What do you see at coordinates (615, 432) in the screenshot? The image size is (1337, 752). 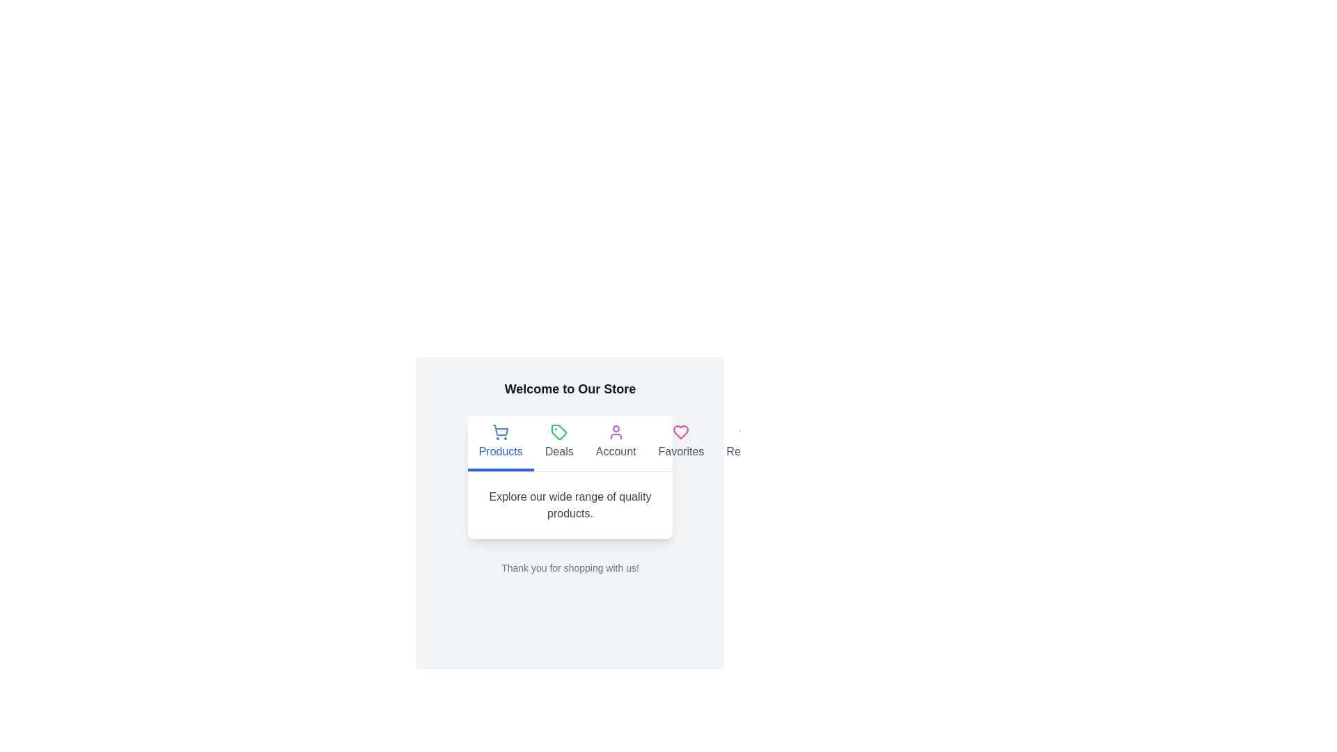 I see `the vibrant purple person icon in the navigation menu` at bounding box center [615, 432].